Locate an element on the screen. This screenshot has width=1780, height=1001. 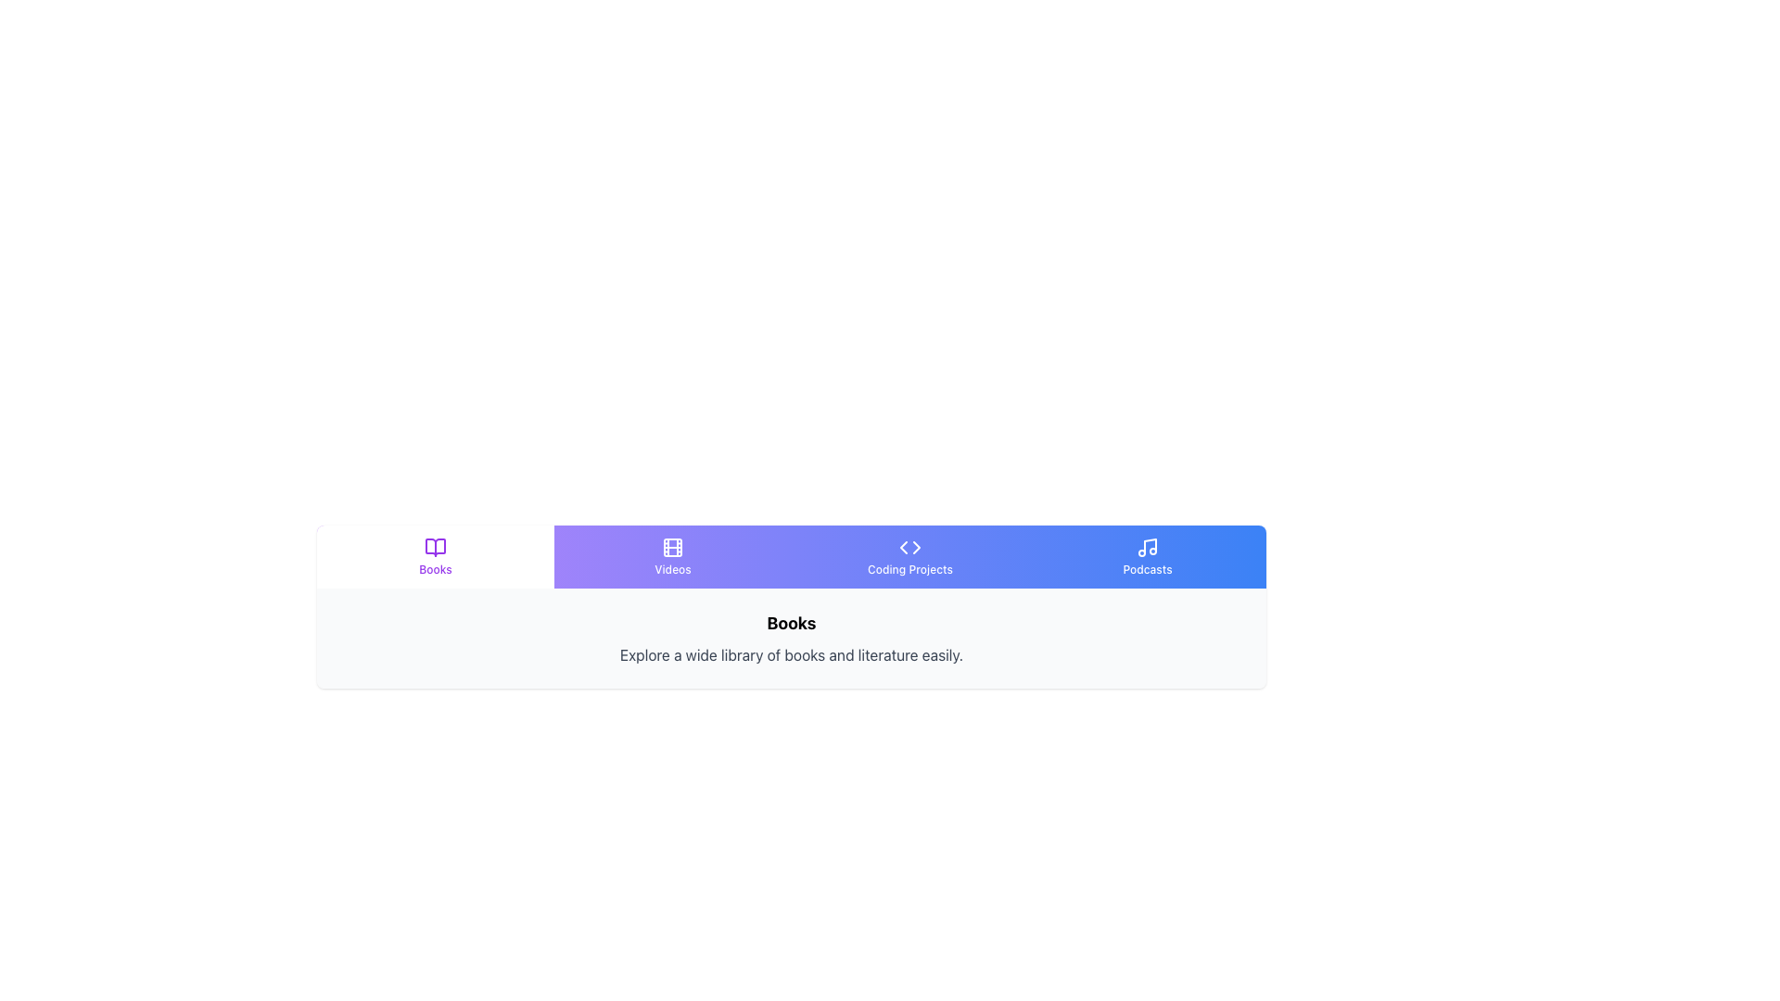
the static text element that states 'Explore a wide library of books and literature easily.' positioned beneath the bold 'Books' title is located at coordinates (792, 653).